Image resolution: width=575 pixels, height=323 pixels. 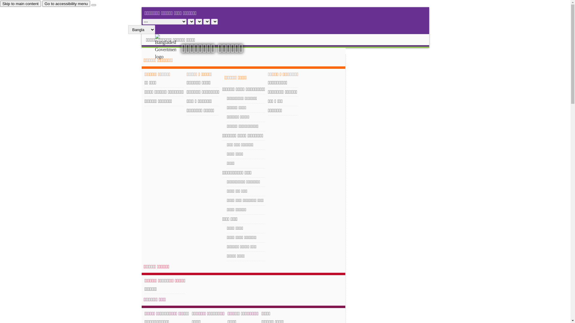 I want to click on 'Skip to main content', so click(x=20, y=4).